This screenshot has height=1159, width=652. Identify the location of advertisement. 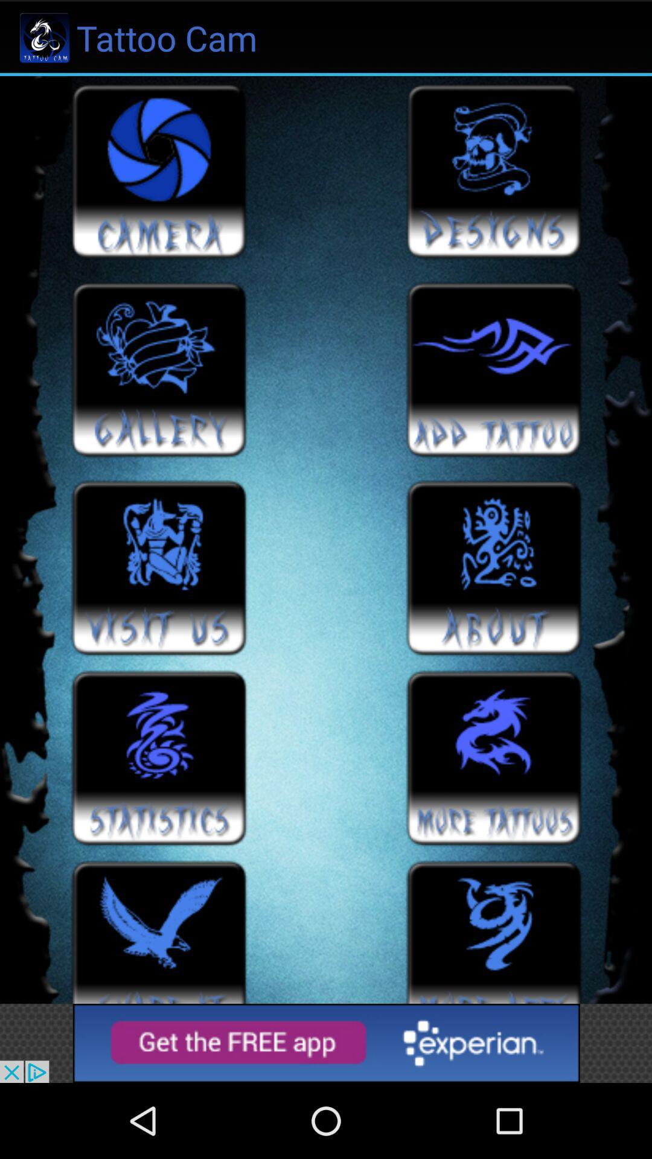
(326, 1042).